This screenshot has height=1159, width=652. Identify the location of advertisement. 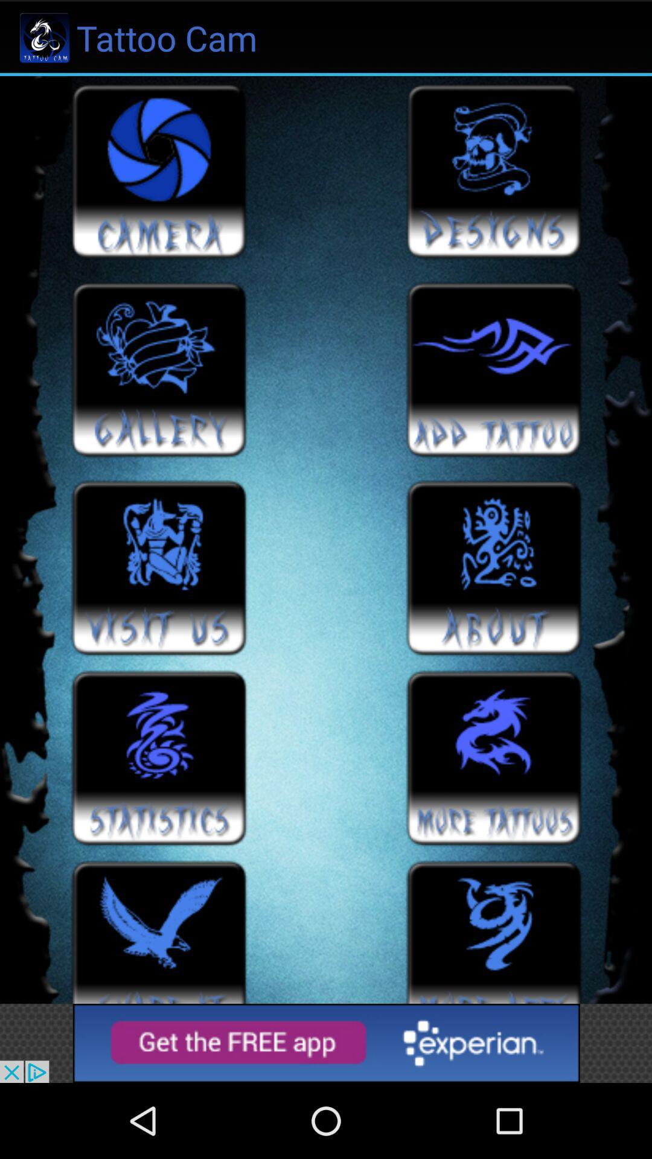
(326, 1042).